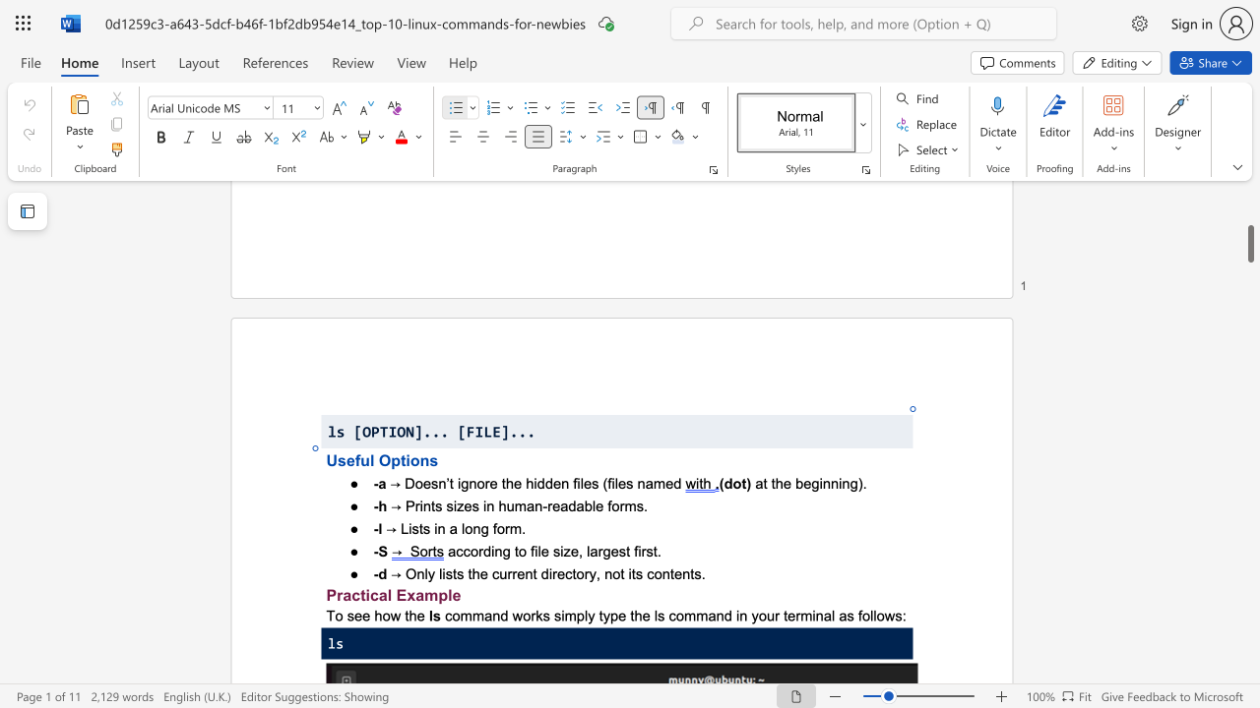  What do you see at coordinates (409, 573) in the screenshot?
I see `the 1th character "O" in the text` at bounding box center [409, 573].